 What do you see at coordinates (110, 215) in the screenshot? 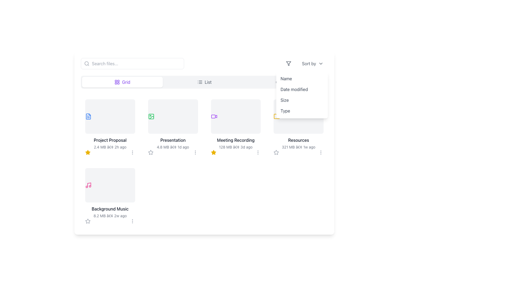
I see `the static text label displaying file information (size and last modified time) located below 'Background Music' in the bottom-left corner of the file grid` at bounding box center [110, 215].